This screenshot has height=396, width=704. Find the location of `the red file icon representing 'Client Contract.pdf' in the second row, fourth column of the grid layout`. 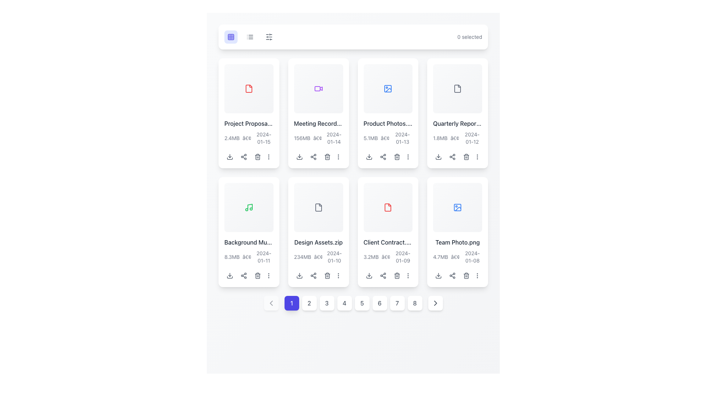

the red file icon representing 'Client Contract.pdf' in the second row, fourth column of the grid layout is located at coordinates (388, 207).